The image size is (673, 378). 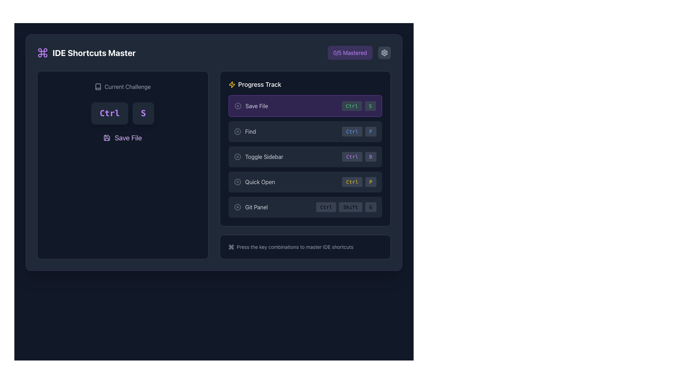 I want to click on the circular graphic element representing the close or cancel icon located at the top-right section of the Progress Track, adjacent to the Toggle Sidebar button, so click(x=237, y=156).